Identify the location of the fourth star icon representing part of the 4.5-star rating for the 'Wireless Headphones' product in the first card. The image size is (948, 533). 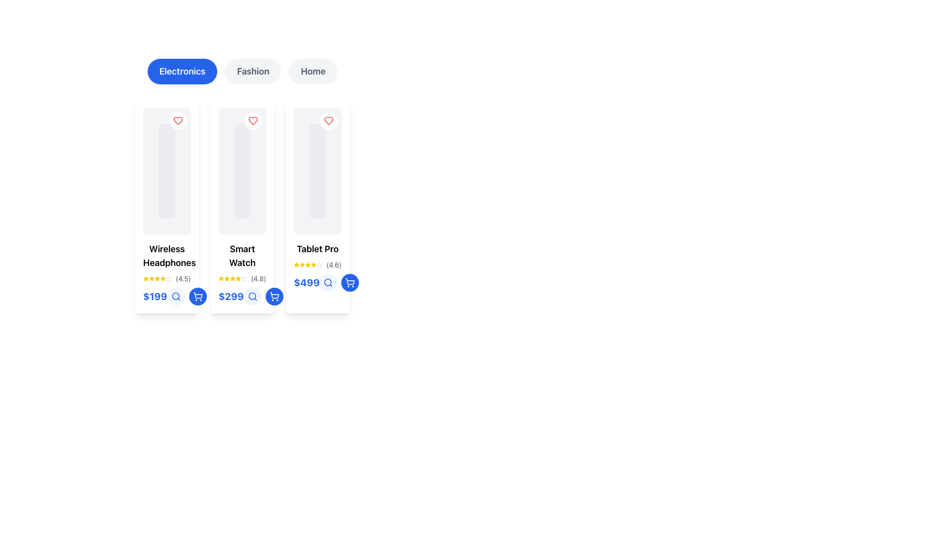
(157, 278).